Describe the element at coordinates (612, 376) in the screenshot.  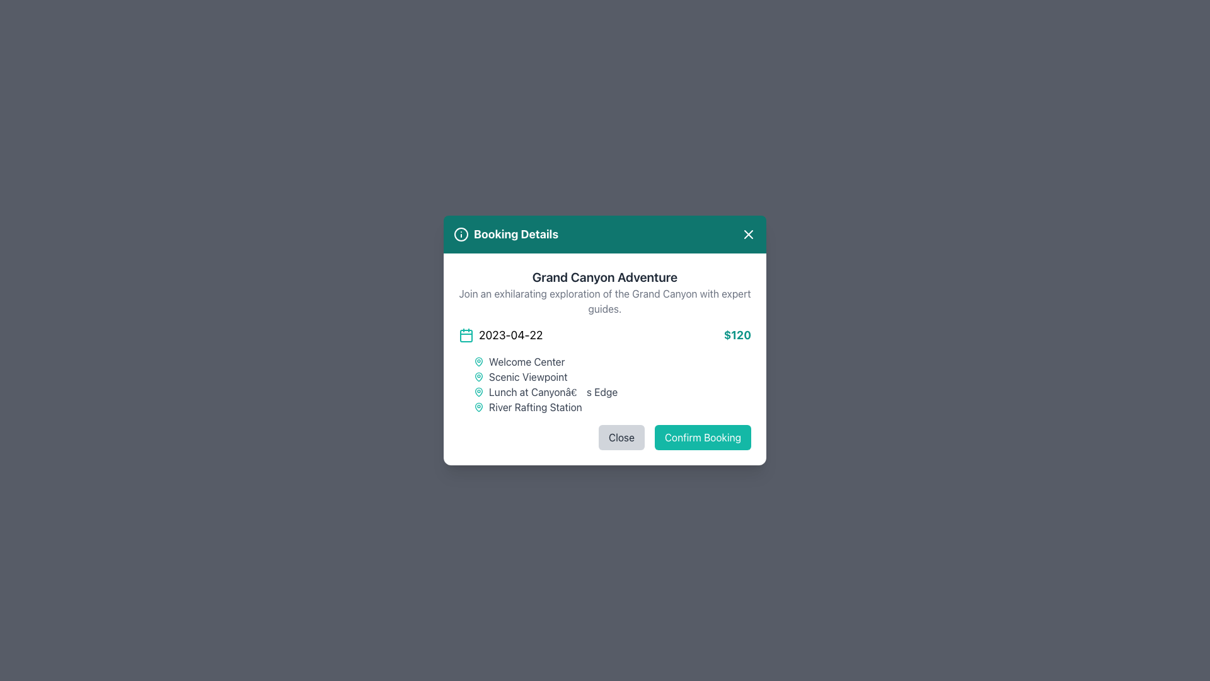
I see `the itinerary entry labeled 'Scenic Viewpoint'` at that location.